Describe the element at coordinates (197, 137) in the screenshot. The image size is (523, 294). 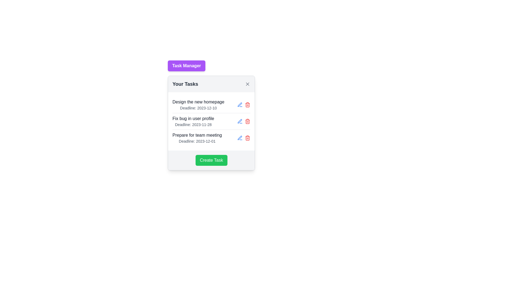
I see `the compound text display component that informs the user about the task 'Prepare for team meeting' and its deadline '2023-12-01'` at that location.